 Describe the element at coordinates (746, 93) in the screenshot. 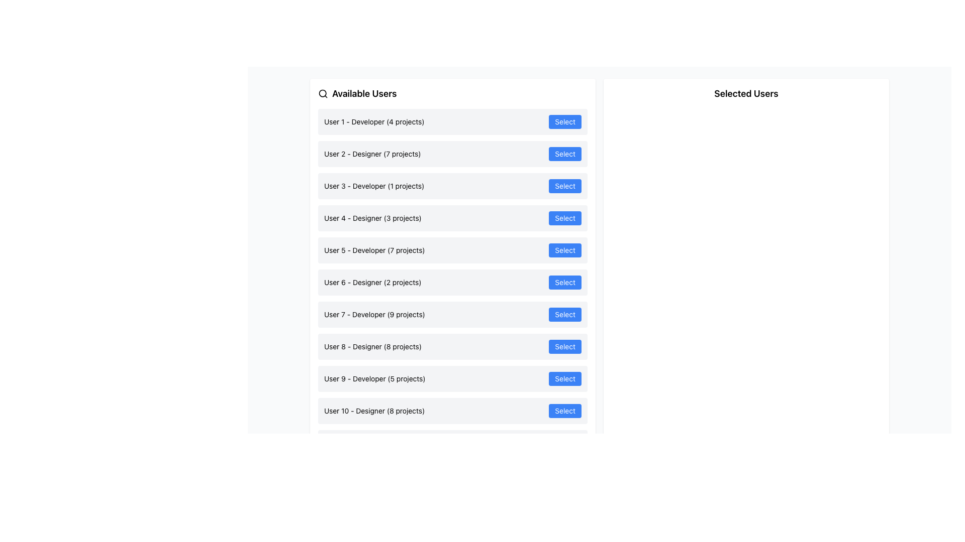

I see `the static text label at the top of the right panel indicating the purpose of the section for selected users` at that location.